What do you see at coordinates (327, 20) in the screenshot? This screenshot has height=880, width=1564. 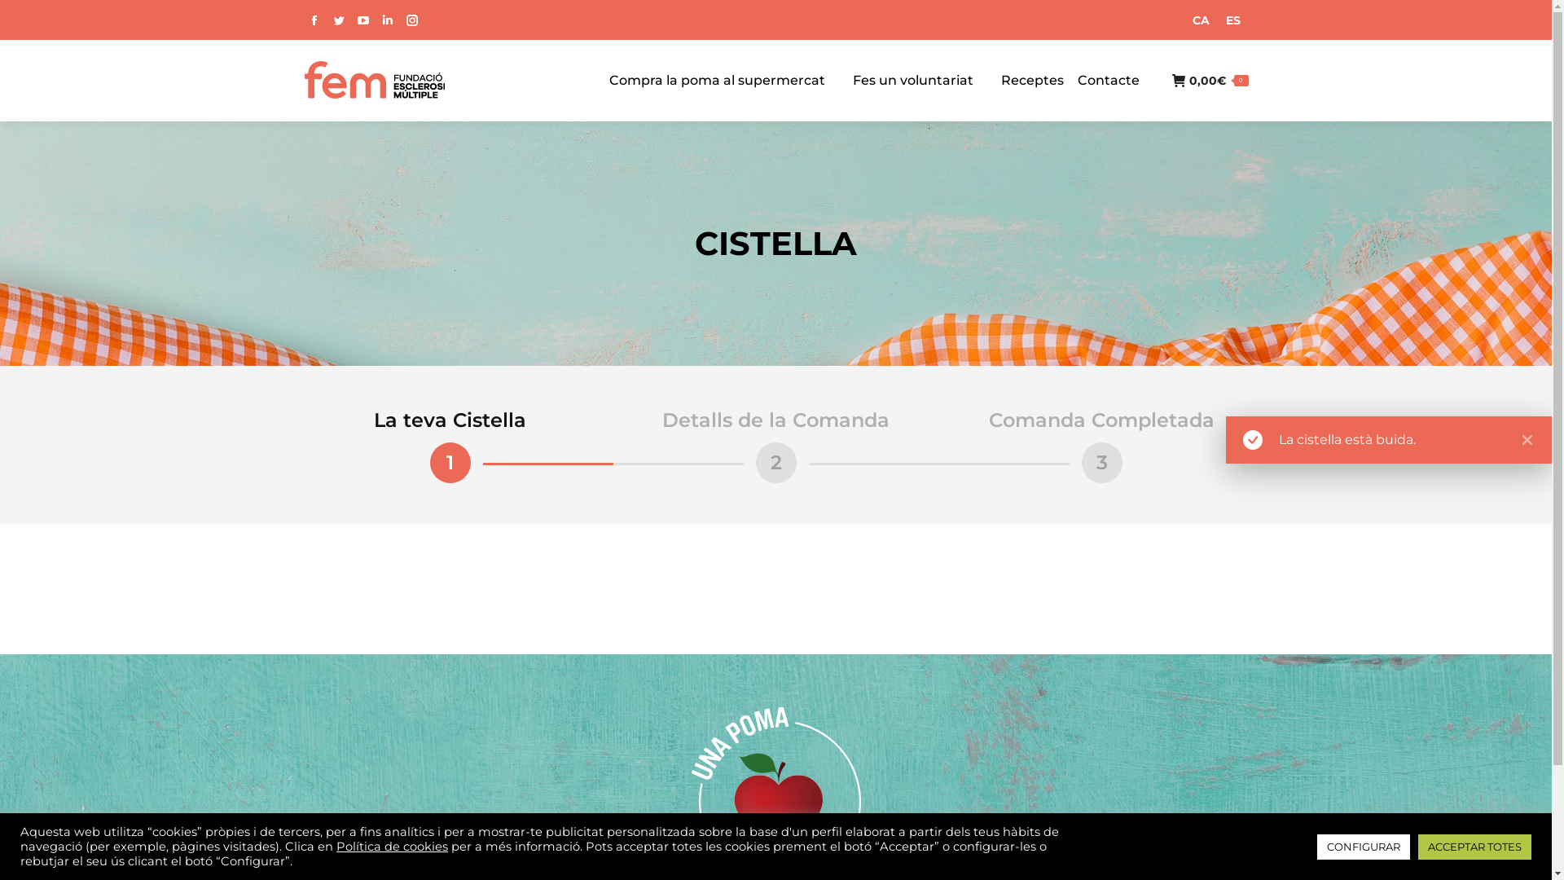 I see `'Twitter page opens in new window'` at bounding box center [327, 20].